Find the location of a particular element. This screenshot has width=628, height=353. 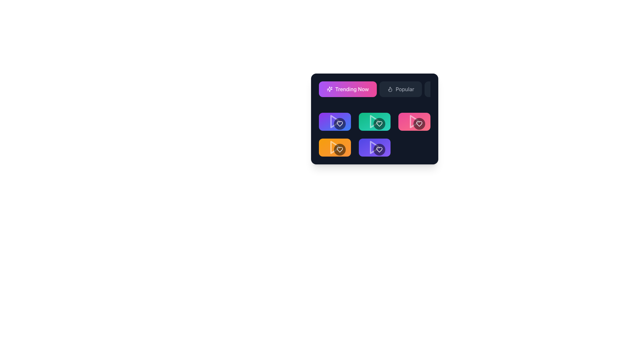

the larger group that includes the clock icon, which represents a time duration feature next to the '2h 30m' text is located at coordinates (365, 127).